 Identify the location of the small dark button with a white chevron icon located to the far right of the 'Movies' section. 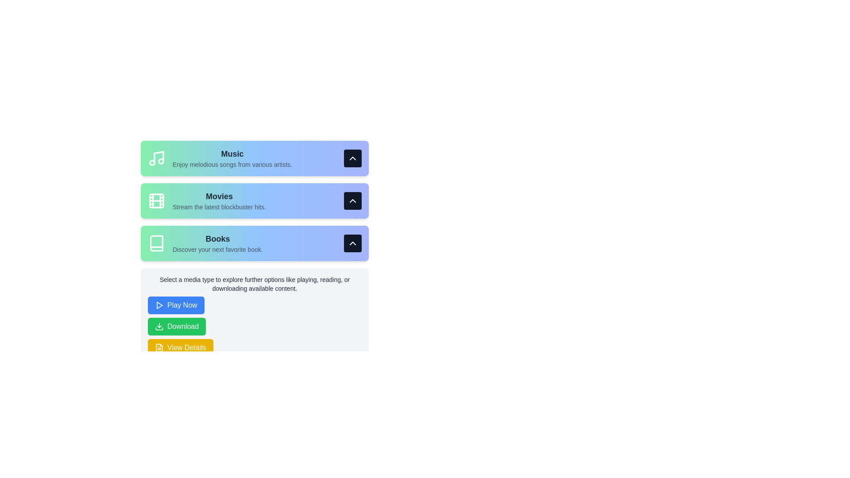
(352, 201).